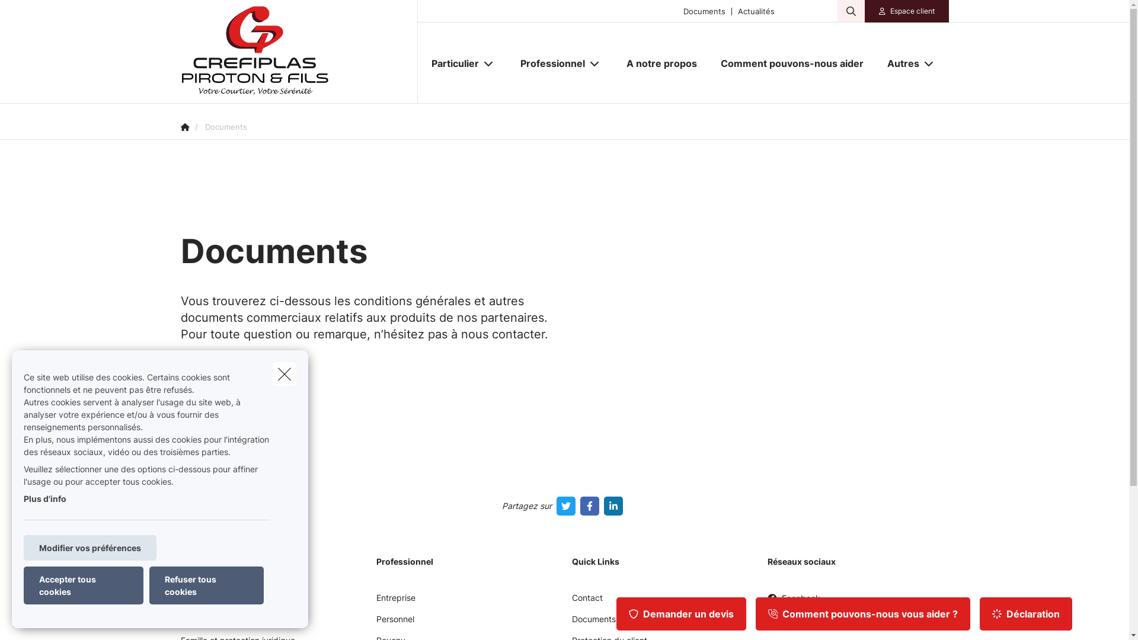 This screenshot has height=640, width=1138. I want to click on 'Comment pouvons-nous aider', so click(792, 63).